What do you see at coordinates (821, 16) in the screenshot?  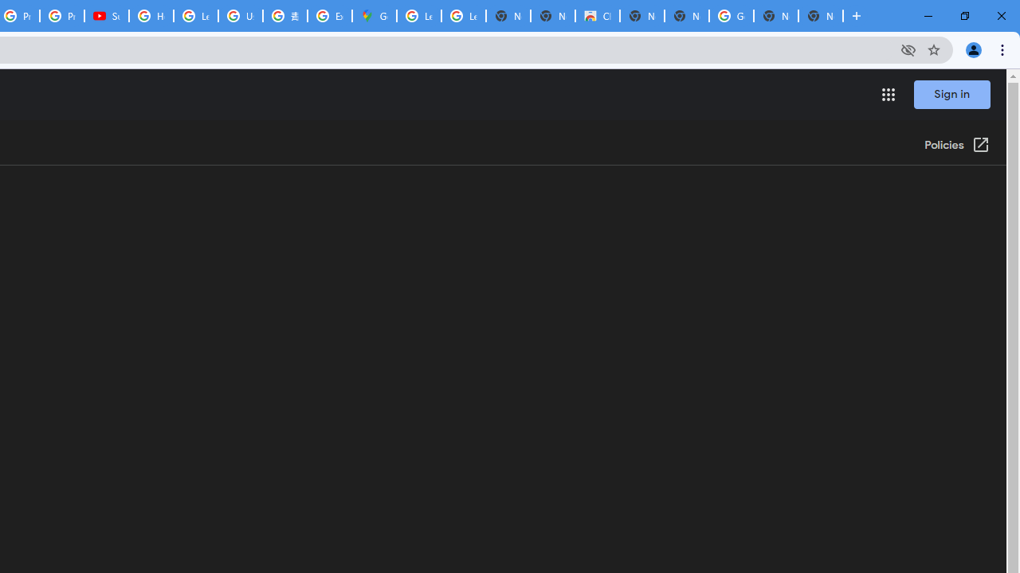 I see `'New Tab'` at bounding box center [821, 16].